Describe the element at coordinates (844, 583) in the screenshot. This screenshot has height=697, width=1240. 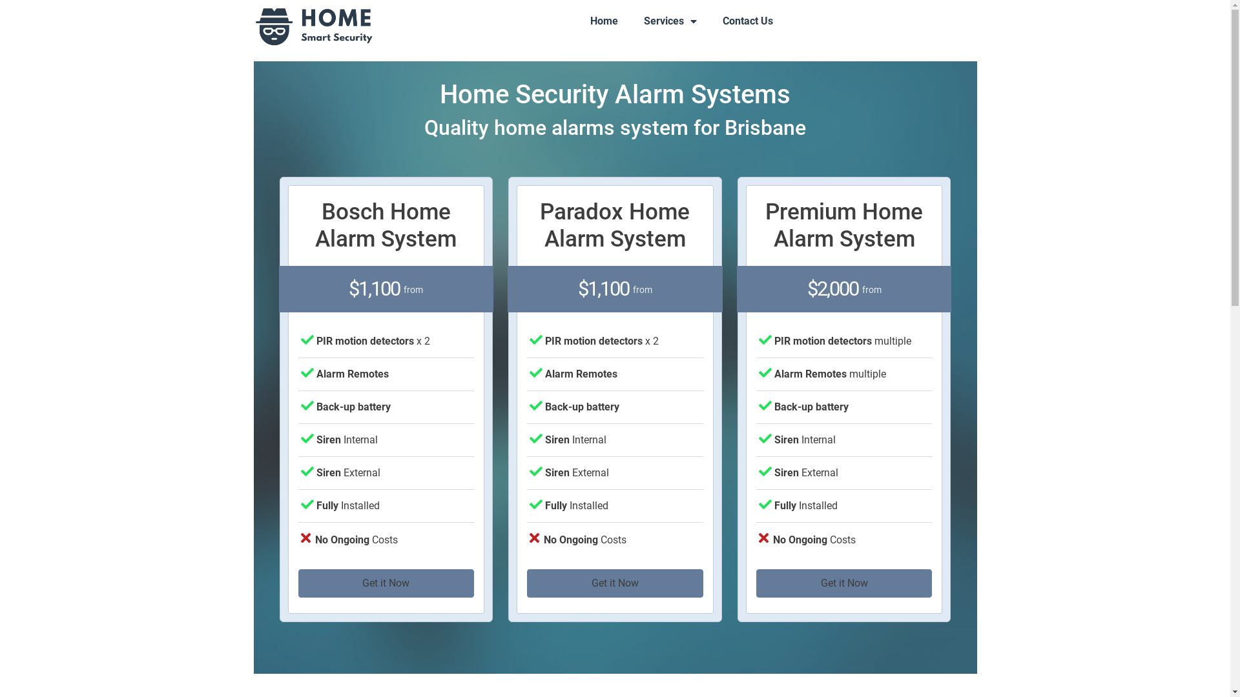
I see `'Get it Now'` at that location.